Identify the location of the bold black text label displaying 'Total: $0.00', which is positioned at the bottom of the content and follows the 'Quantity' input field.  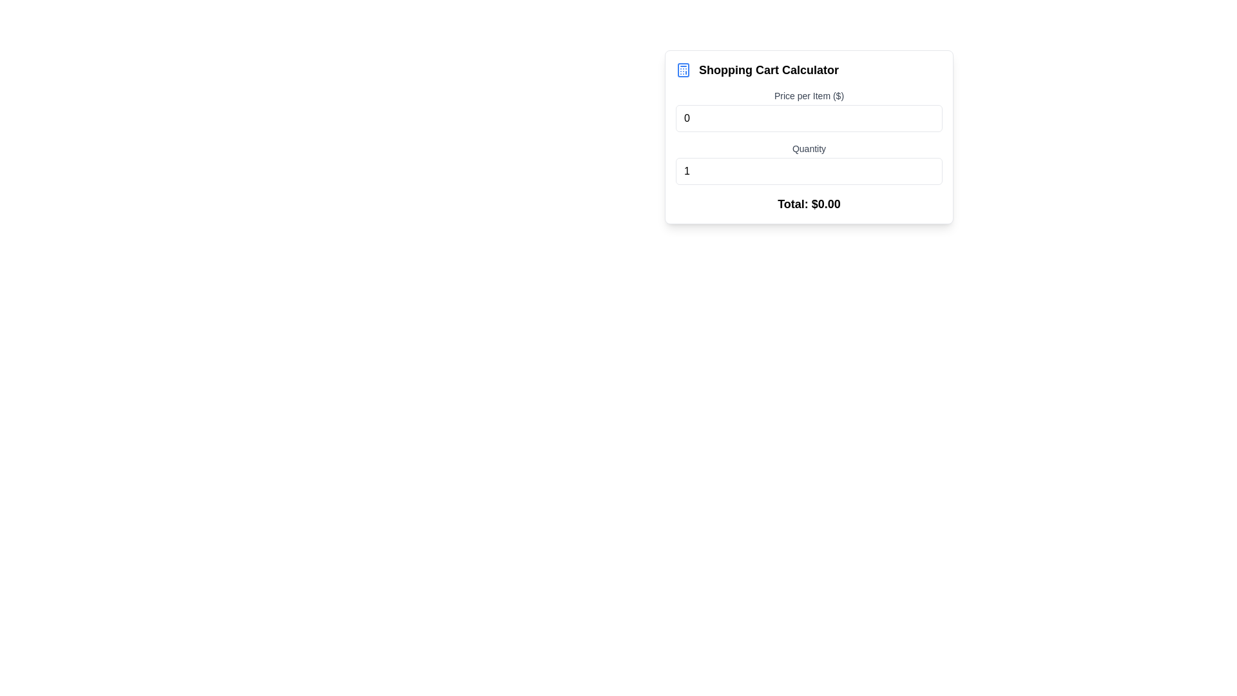
(809, 203).